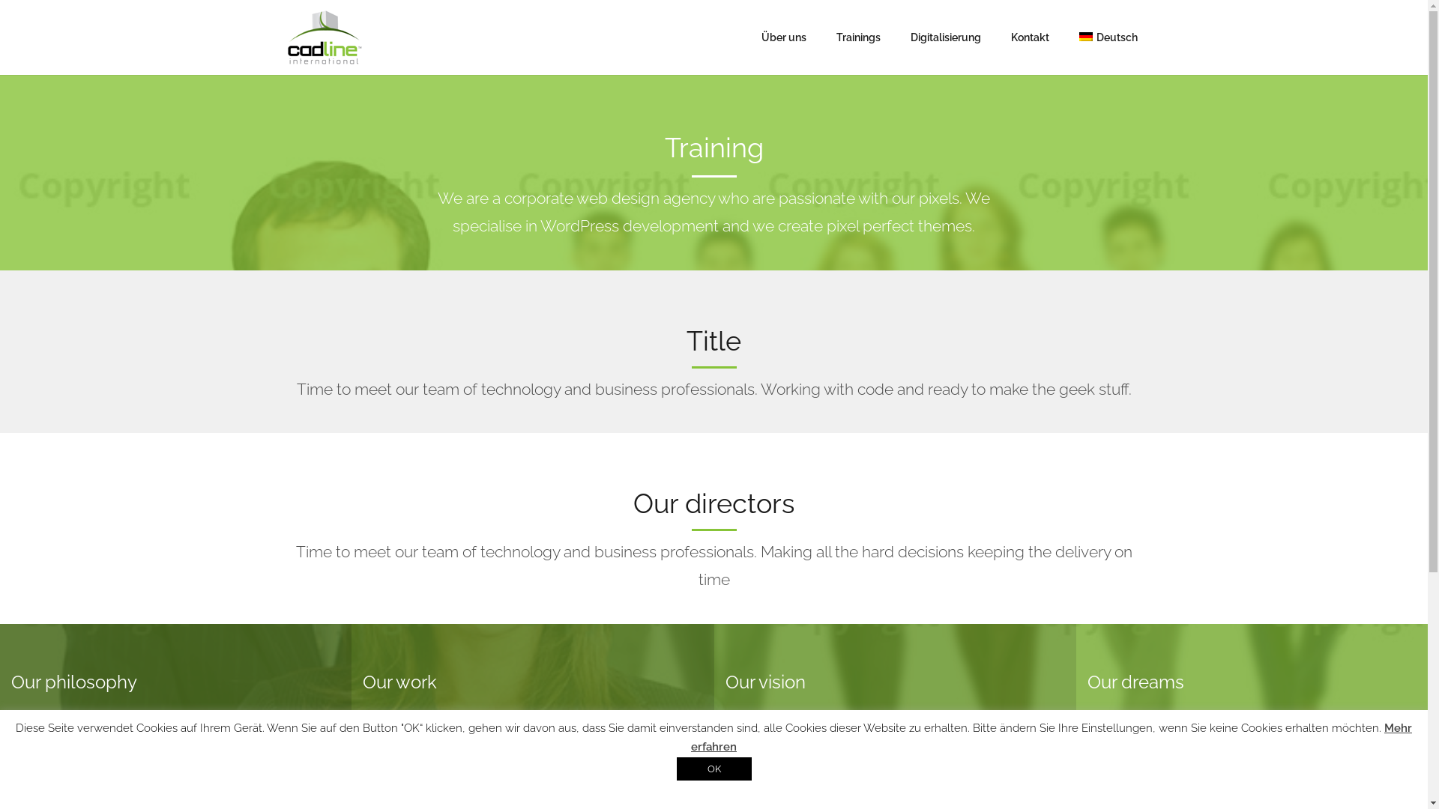 The image size is (1439, 809). I want to click on 'Kontakt', so click(1029, 37).